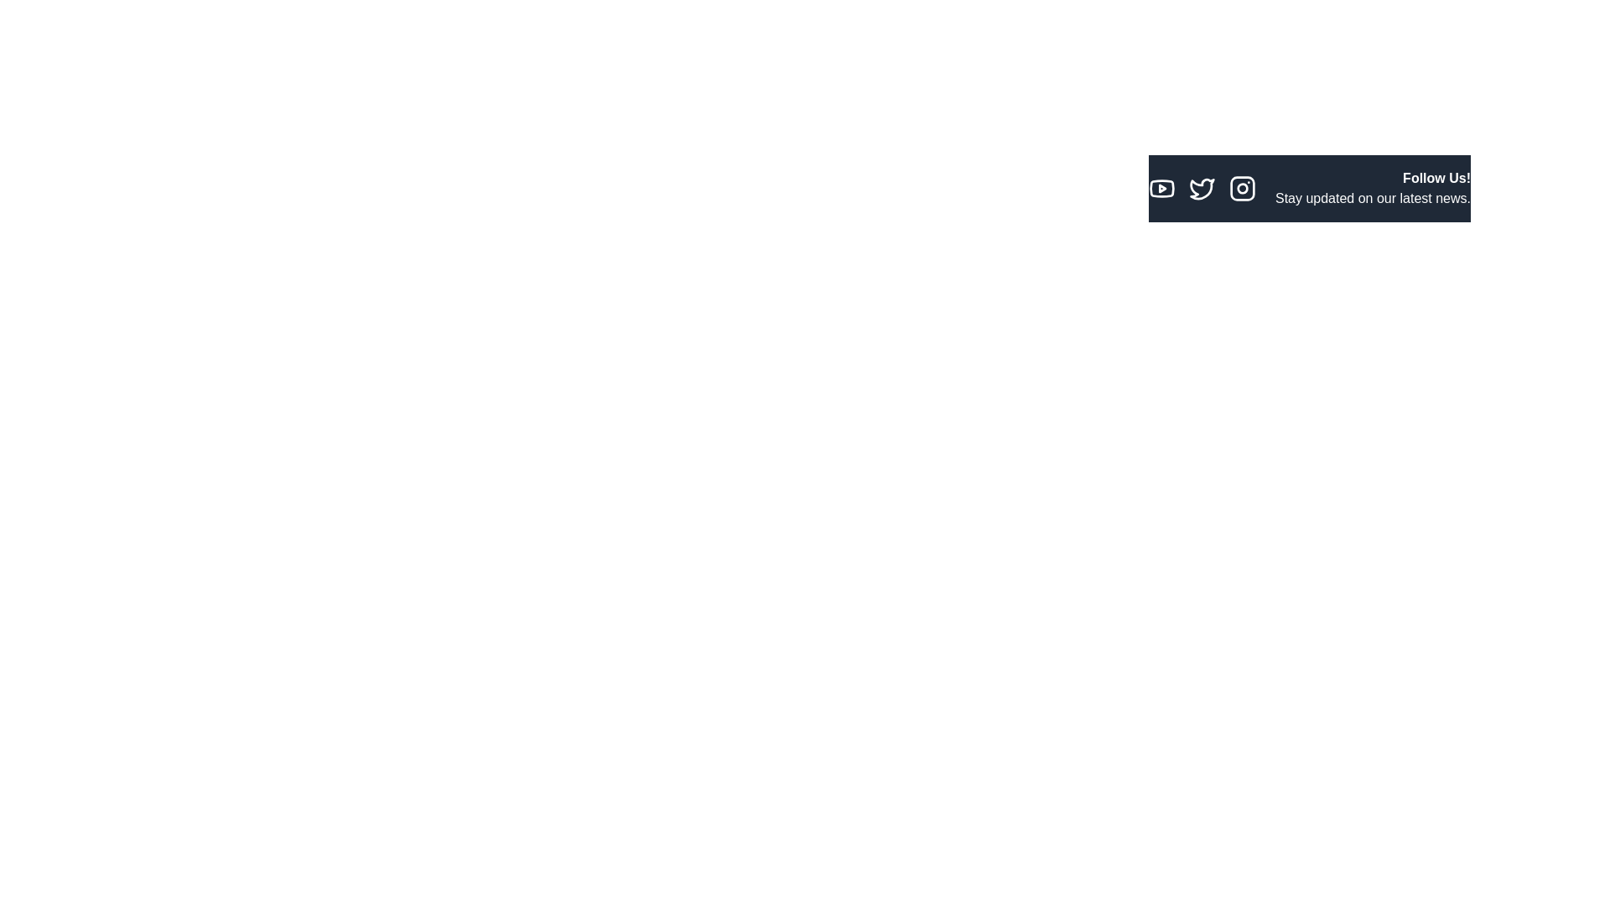 The width and height of the screenshot is (1610, 906). Describe the element at coordinates (1202, 188) in the screenshot. I see `the Twitter icon, which is the second icon from the left in the group of social media icons` at that location.